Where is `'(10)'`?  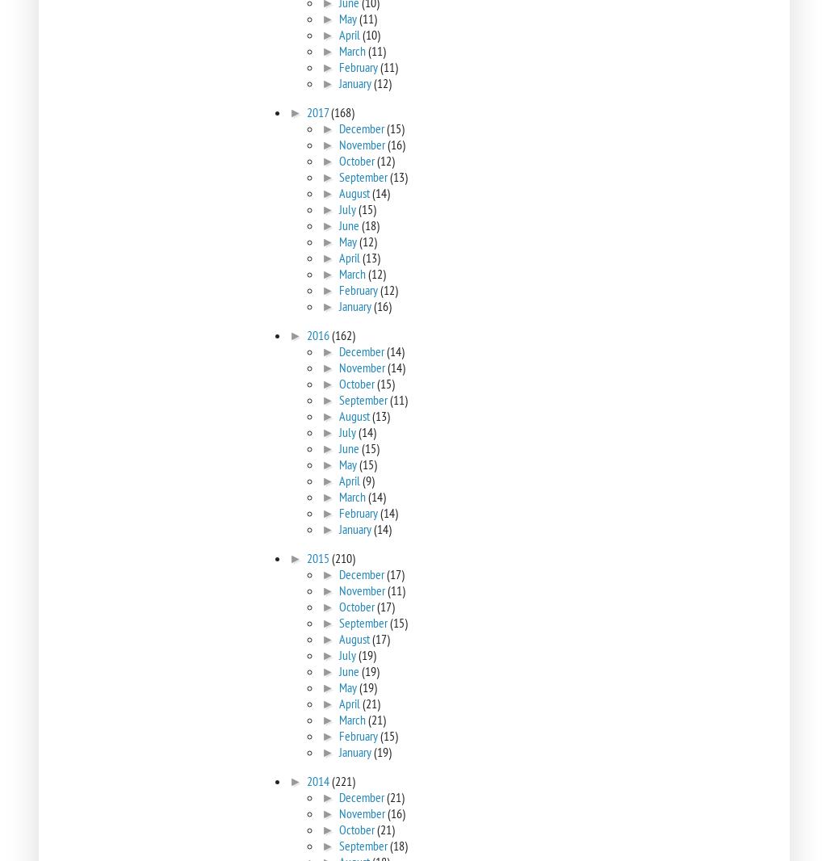 '(10)' is located at coordinates (371, 33).